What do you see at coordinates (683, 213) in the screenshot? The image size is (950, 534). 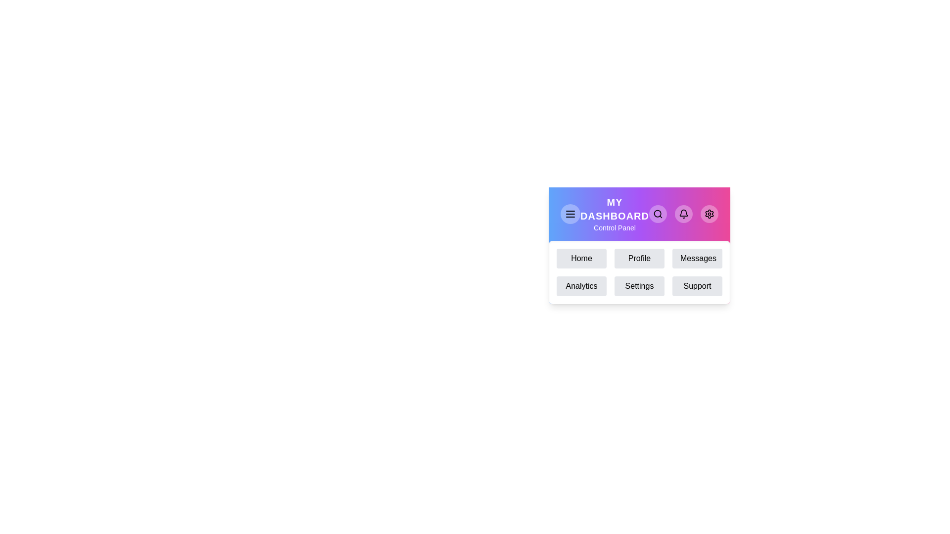 I see `the Notifications button in the EnhancedAppBar component` at bounding box center [683, 213].